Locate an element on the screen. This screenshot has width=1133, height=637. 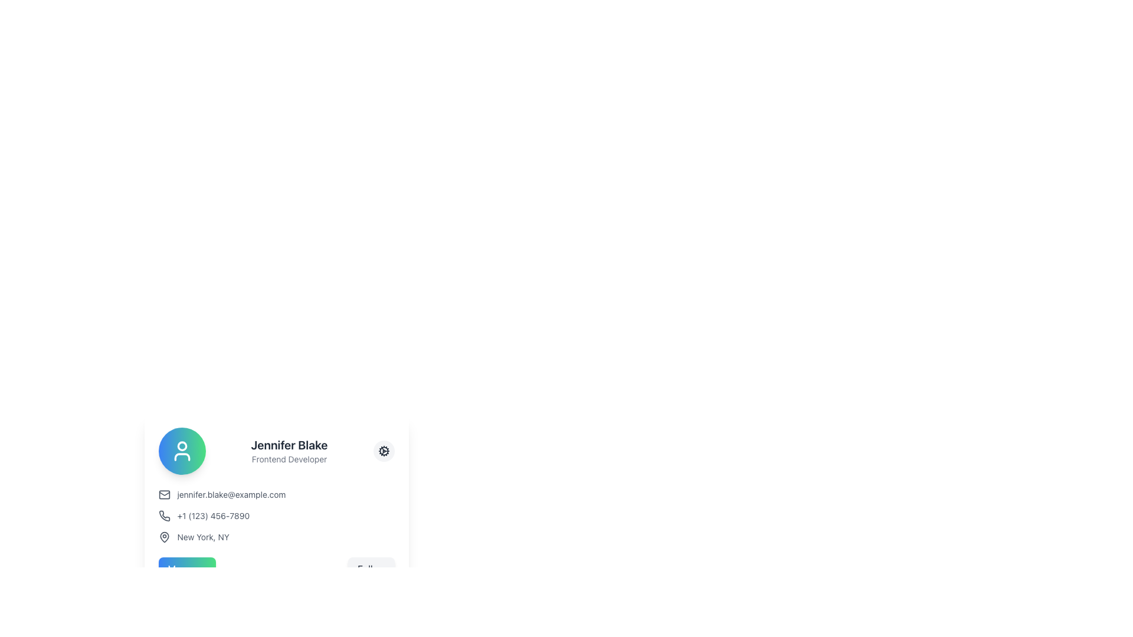
the SVG Circle element that represents the head in the profile icon design located at the top left corner of the user information card is located at coordinates (181, 446).